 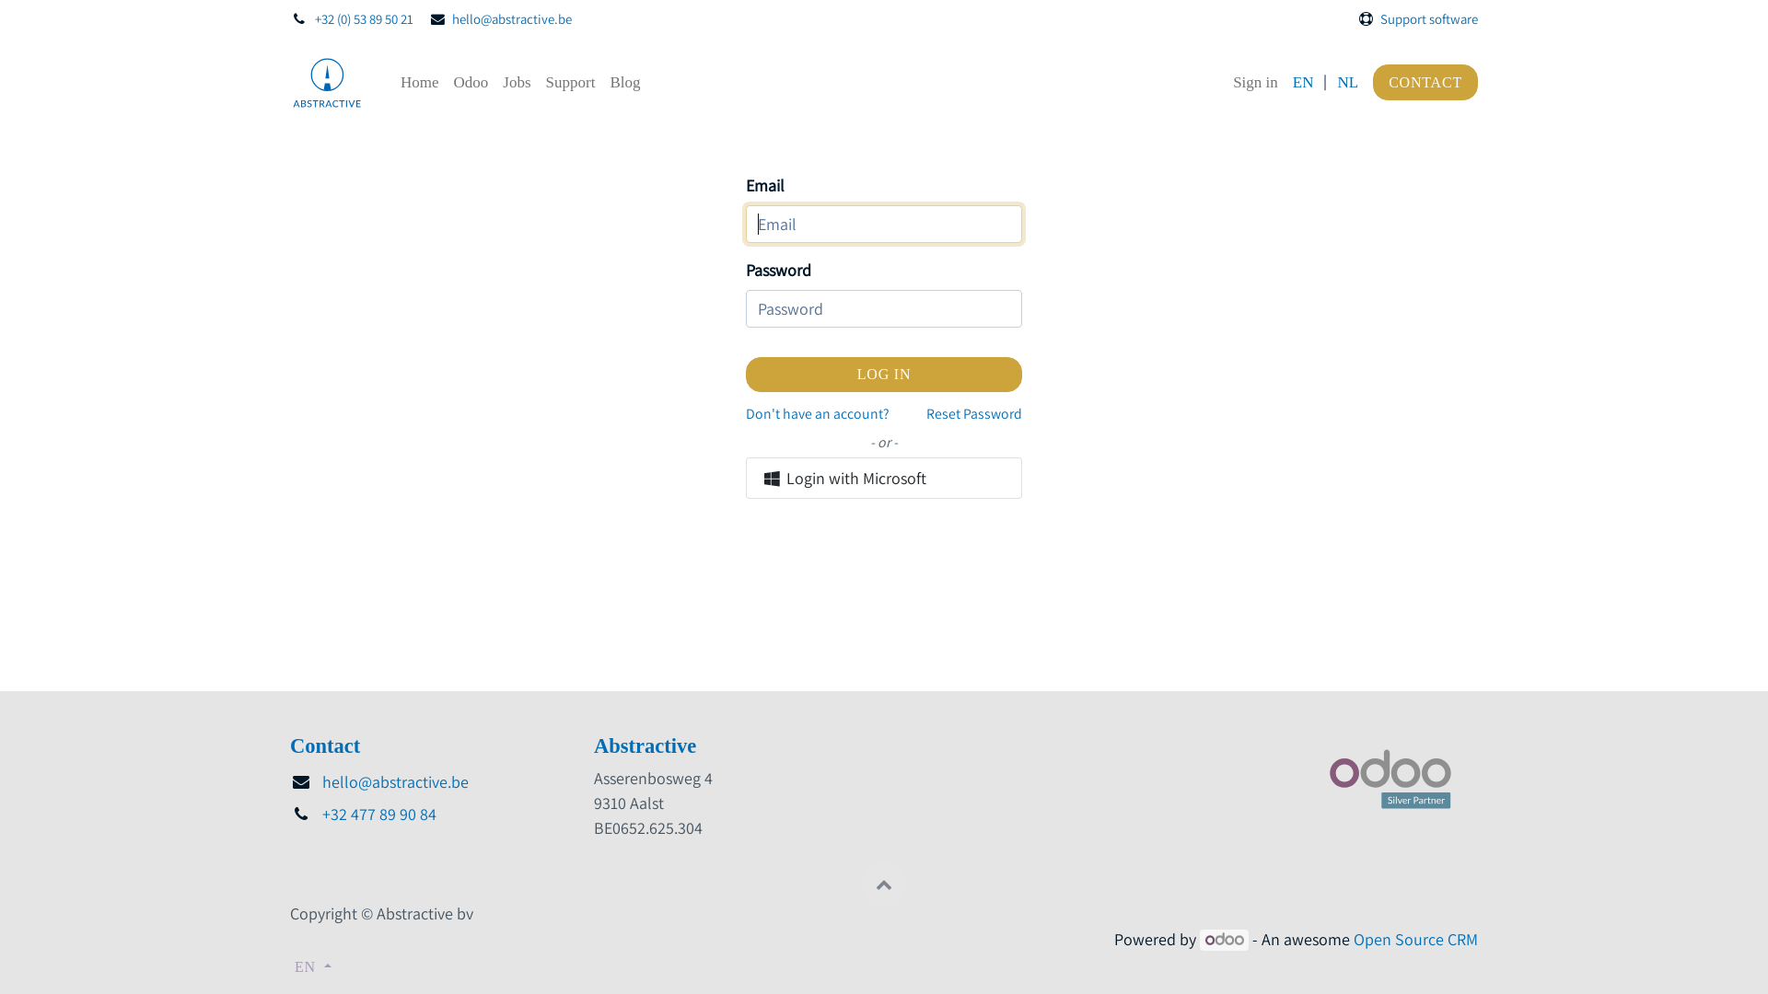 I want to click on 'EN', so click(x=313, y=965).